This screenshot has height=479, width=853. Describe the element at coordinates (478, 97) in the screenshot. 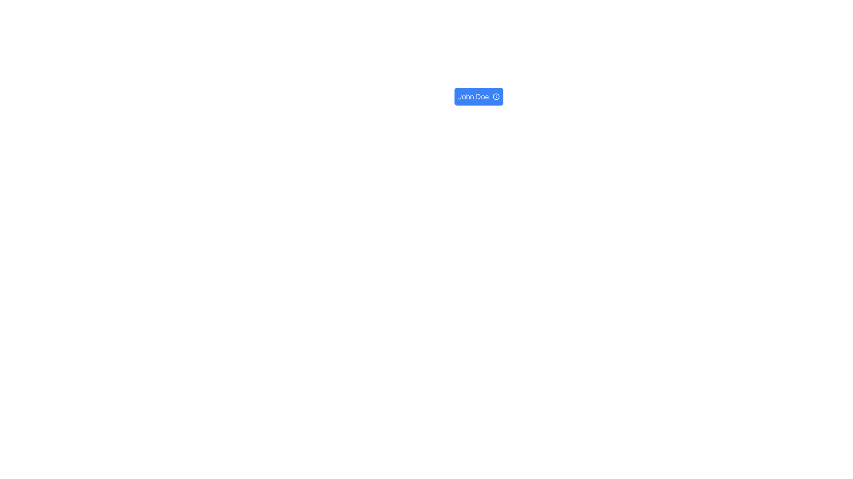

I see `the button displaying 'John Doe' with the information icon` at that location.